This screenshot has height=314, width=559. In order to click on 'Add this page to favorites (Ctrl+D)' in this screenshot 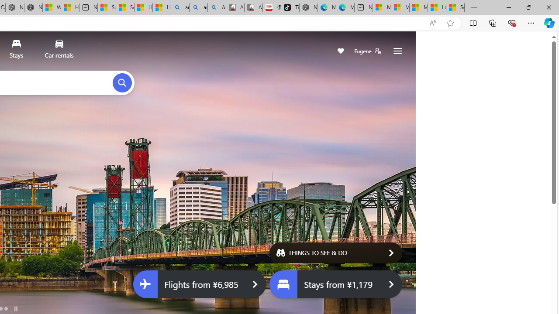, I will do `click(450, 23)`.